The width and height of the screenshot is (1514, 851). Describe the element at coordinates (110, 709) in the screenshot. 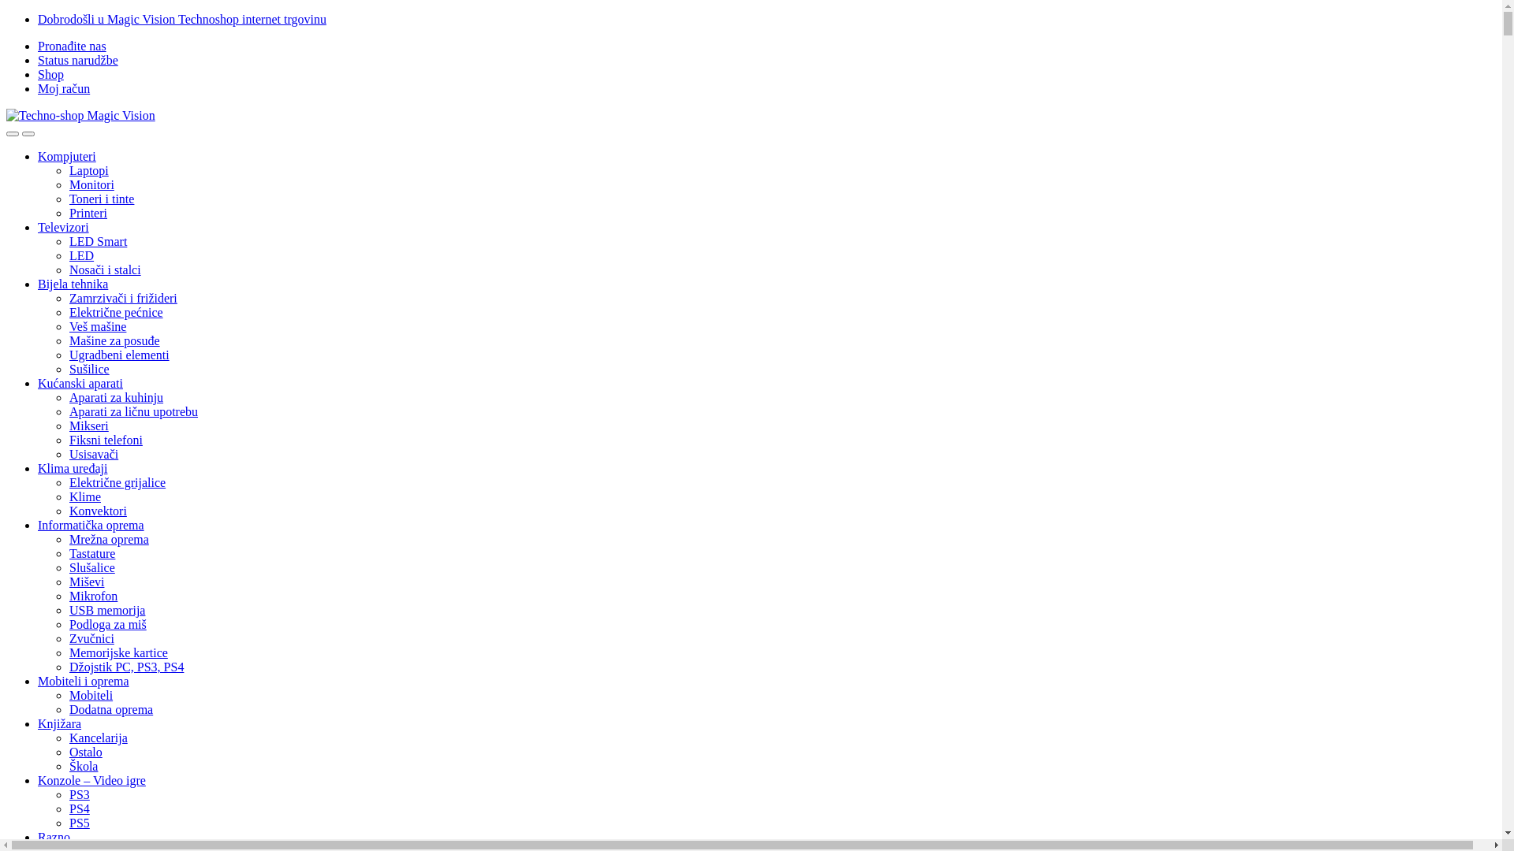

I see `'Dodatna oprema'` at that location.